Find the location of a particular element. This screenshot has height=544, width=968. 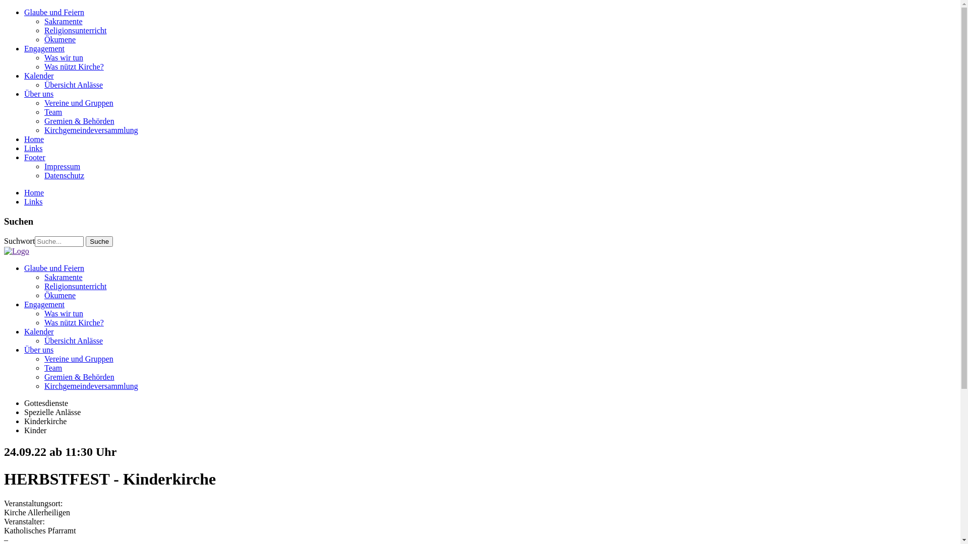

'Team' is located at coordinates (52, 112).